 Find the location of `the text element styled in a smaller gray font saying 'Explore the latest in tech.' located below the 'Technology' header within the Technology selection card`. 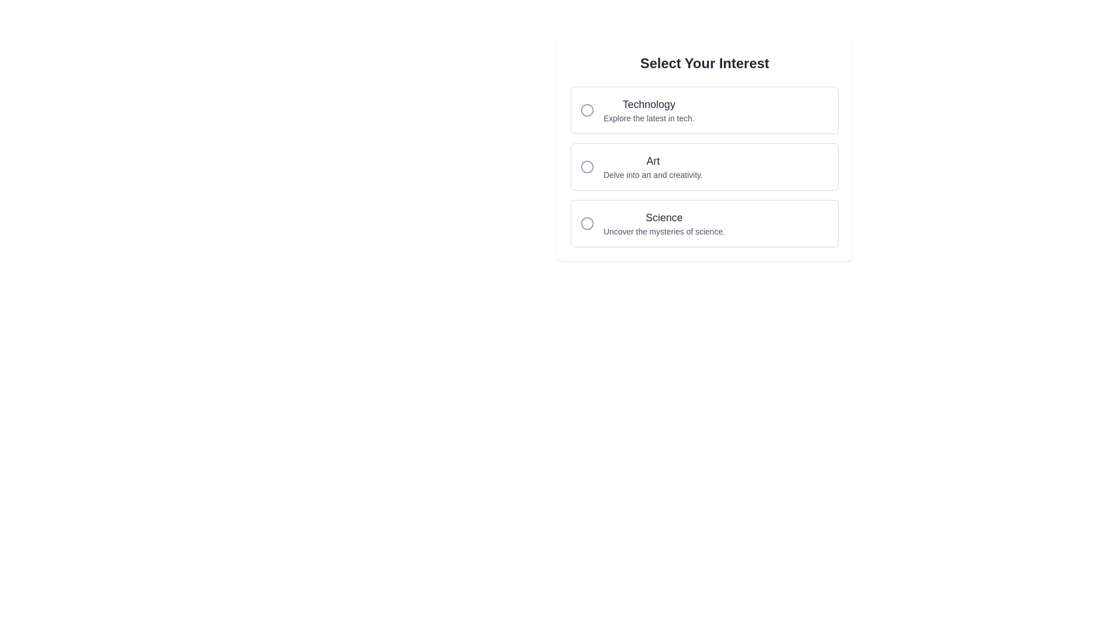

the text element styled in a smaller gray font saying 'Explore the latest in tech.' located below the 'Technology' header within the Technology selection card is located at coordinates (649, 118).